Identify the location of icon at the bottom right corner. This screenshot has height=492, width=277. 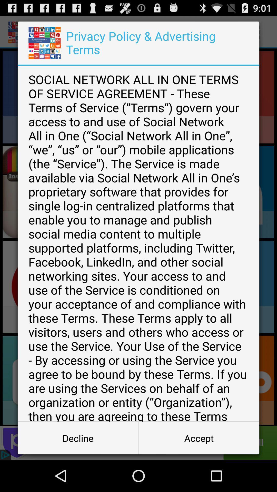
(199, 438).